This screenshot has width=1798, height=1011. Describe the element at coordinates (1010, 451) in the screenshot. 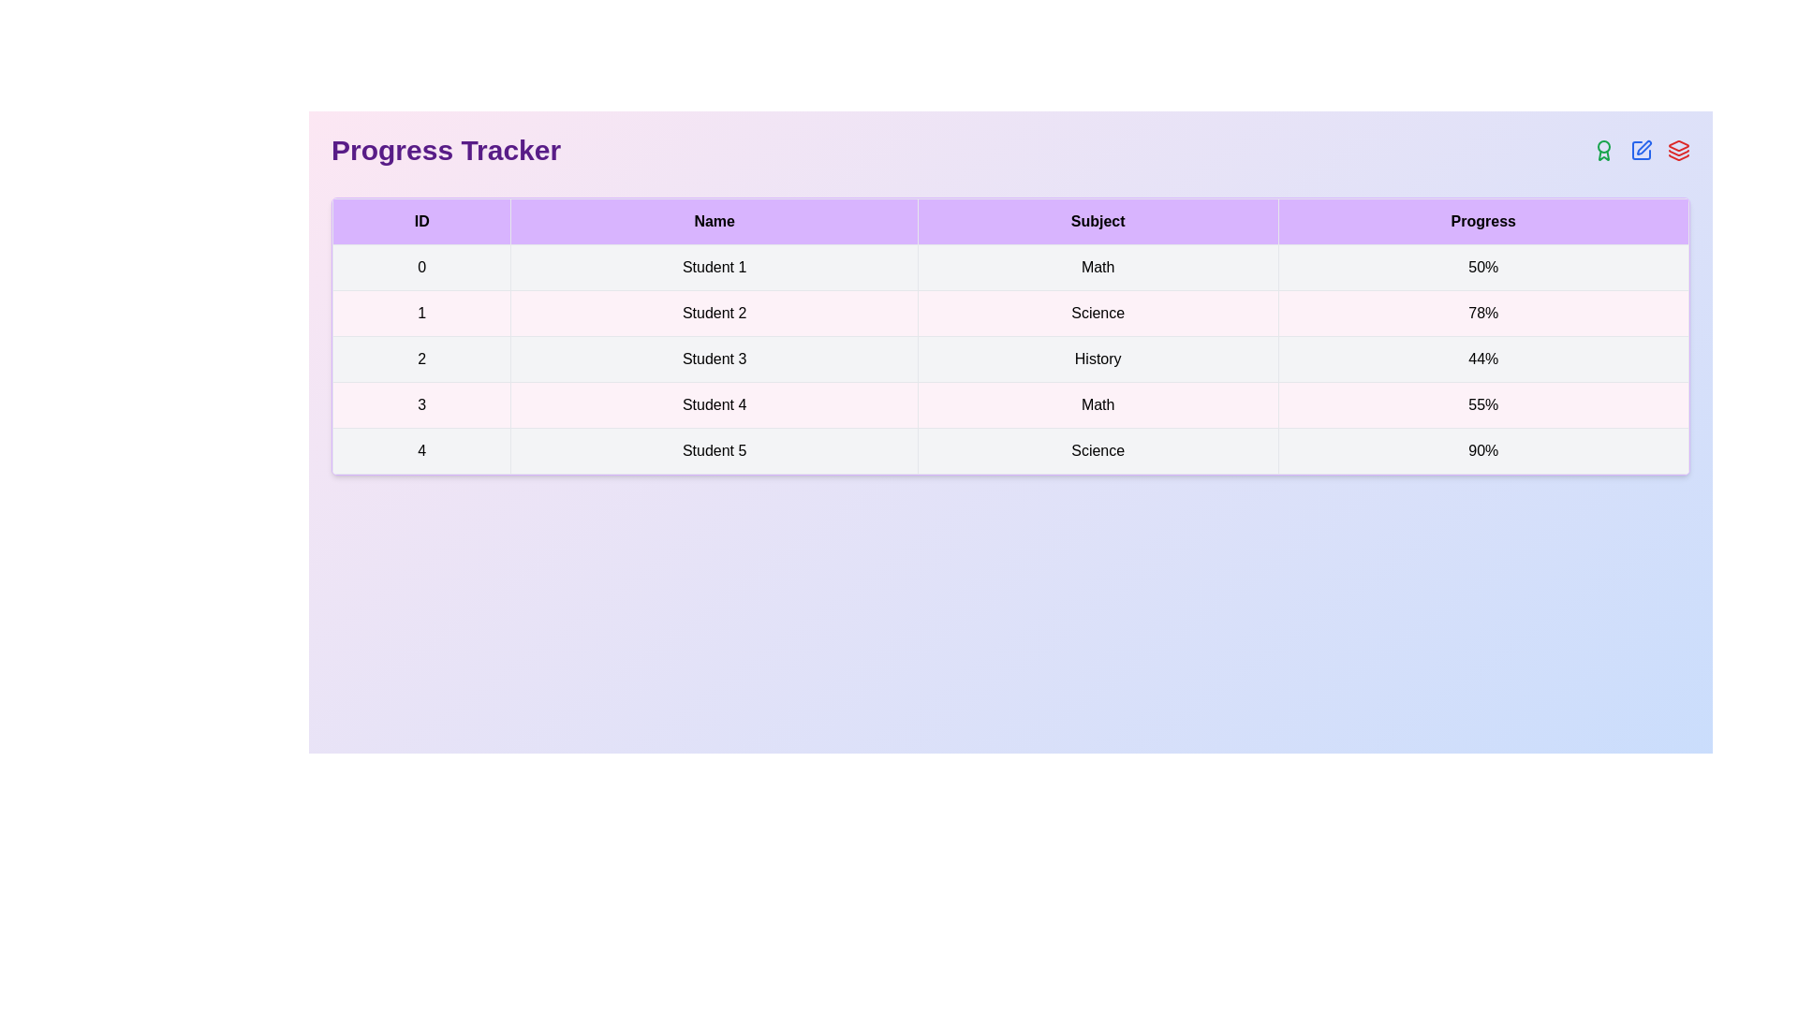

I see `the row corresponding to the student with ID 4` at that location.